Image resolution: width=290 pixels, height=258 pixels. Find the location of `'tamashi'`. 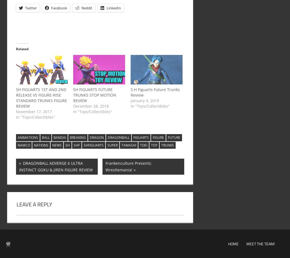

'tamashi' is located at coordinates (128, 145).